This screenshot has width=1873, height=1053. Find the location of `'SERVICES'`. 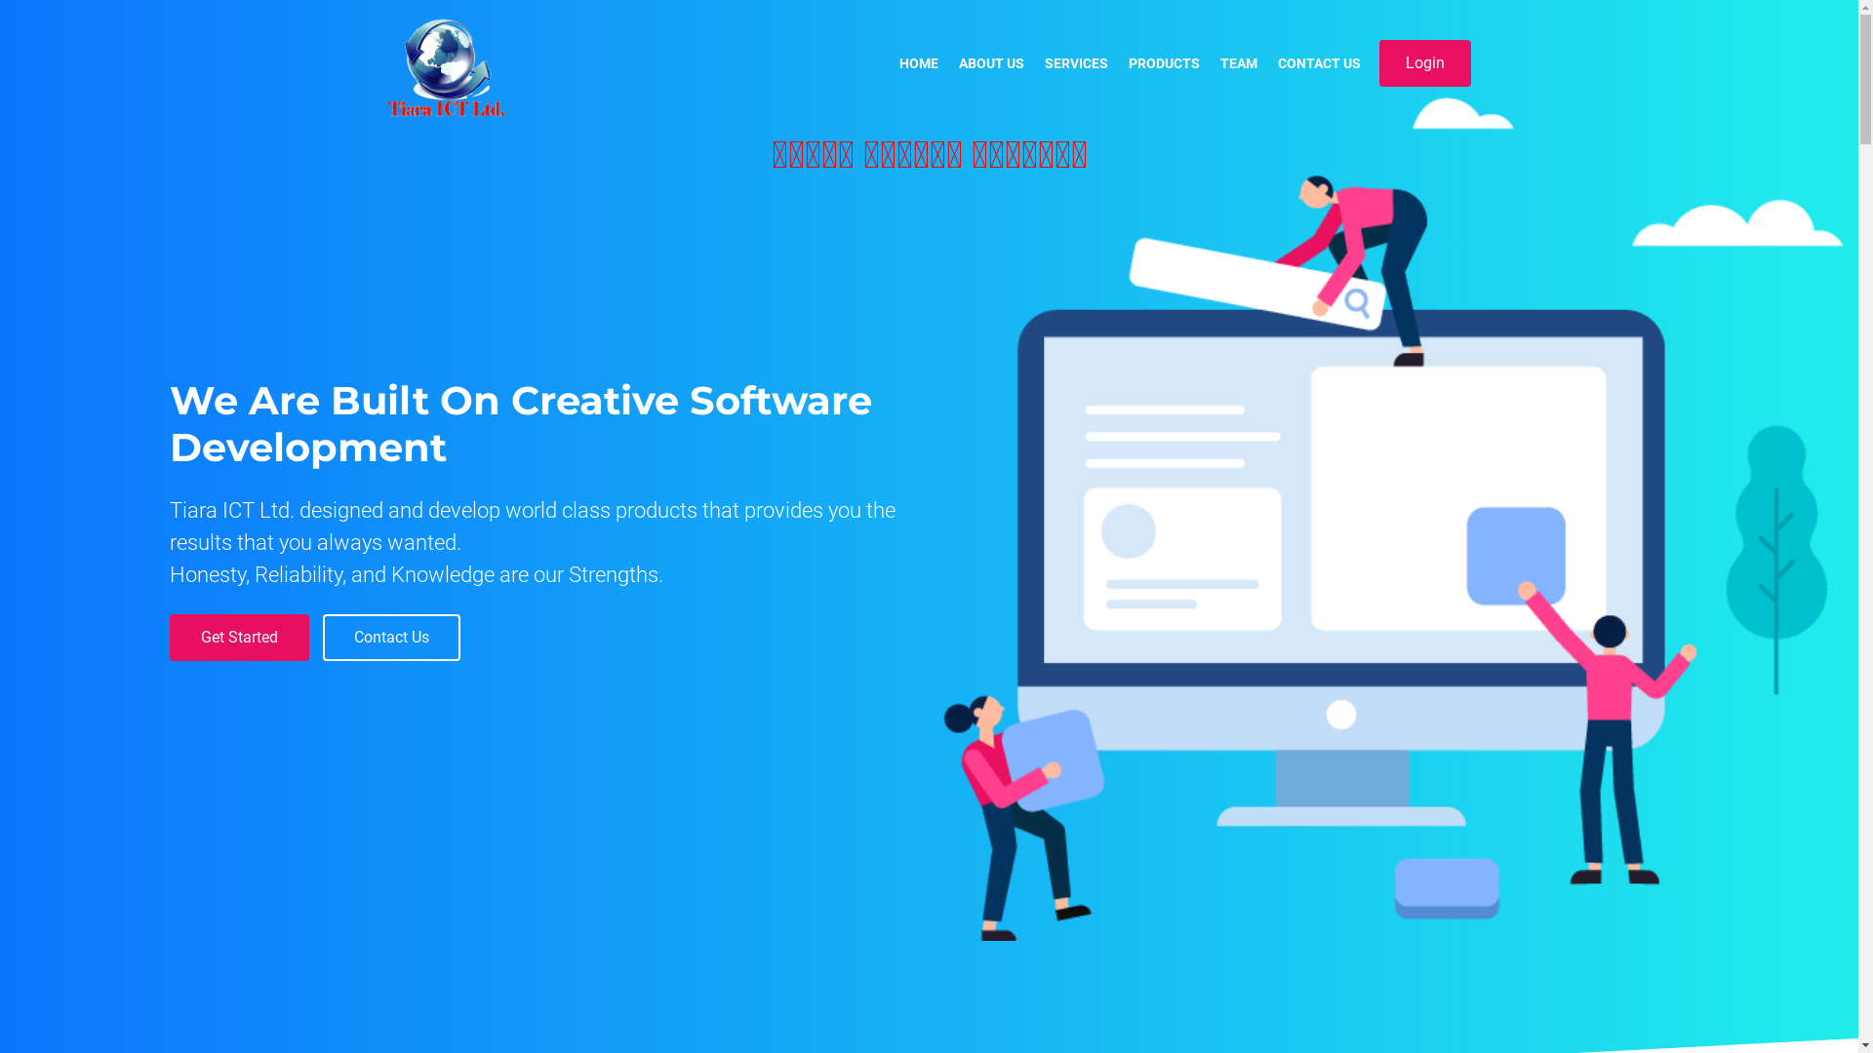

'SERVICES' is located at coordinates (1074, 62).